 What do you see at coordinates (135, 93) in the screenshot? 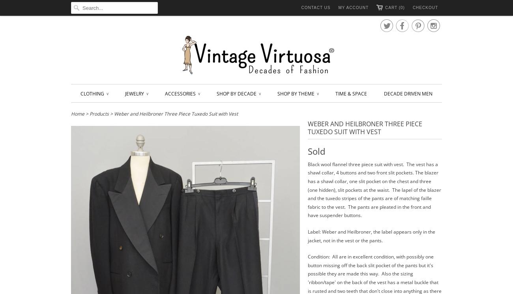
I see `'Jewelry'` at bounding box center [135, 93].